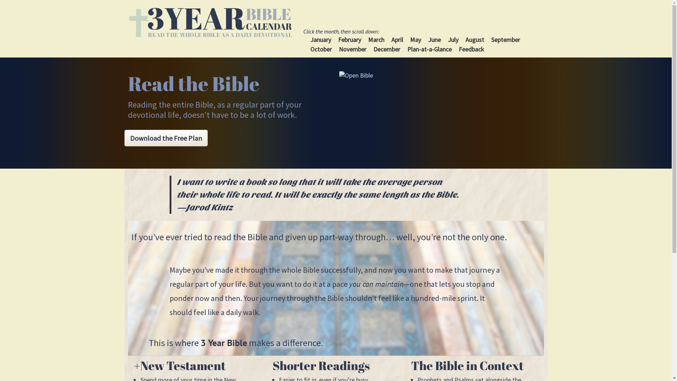  What do you see at coordinates (429, 49) in the screenshot?
I see `'Plan-at-a-Glance'` at bounding box center [429, 49].